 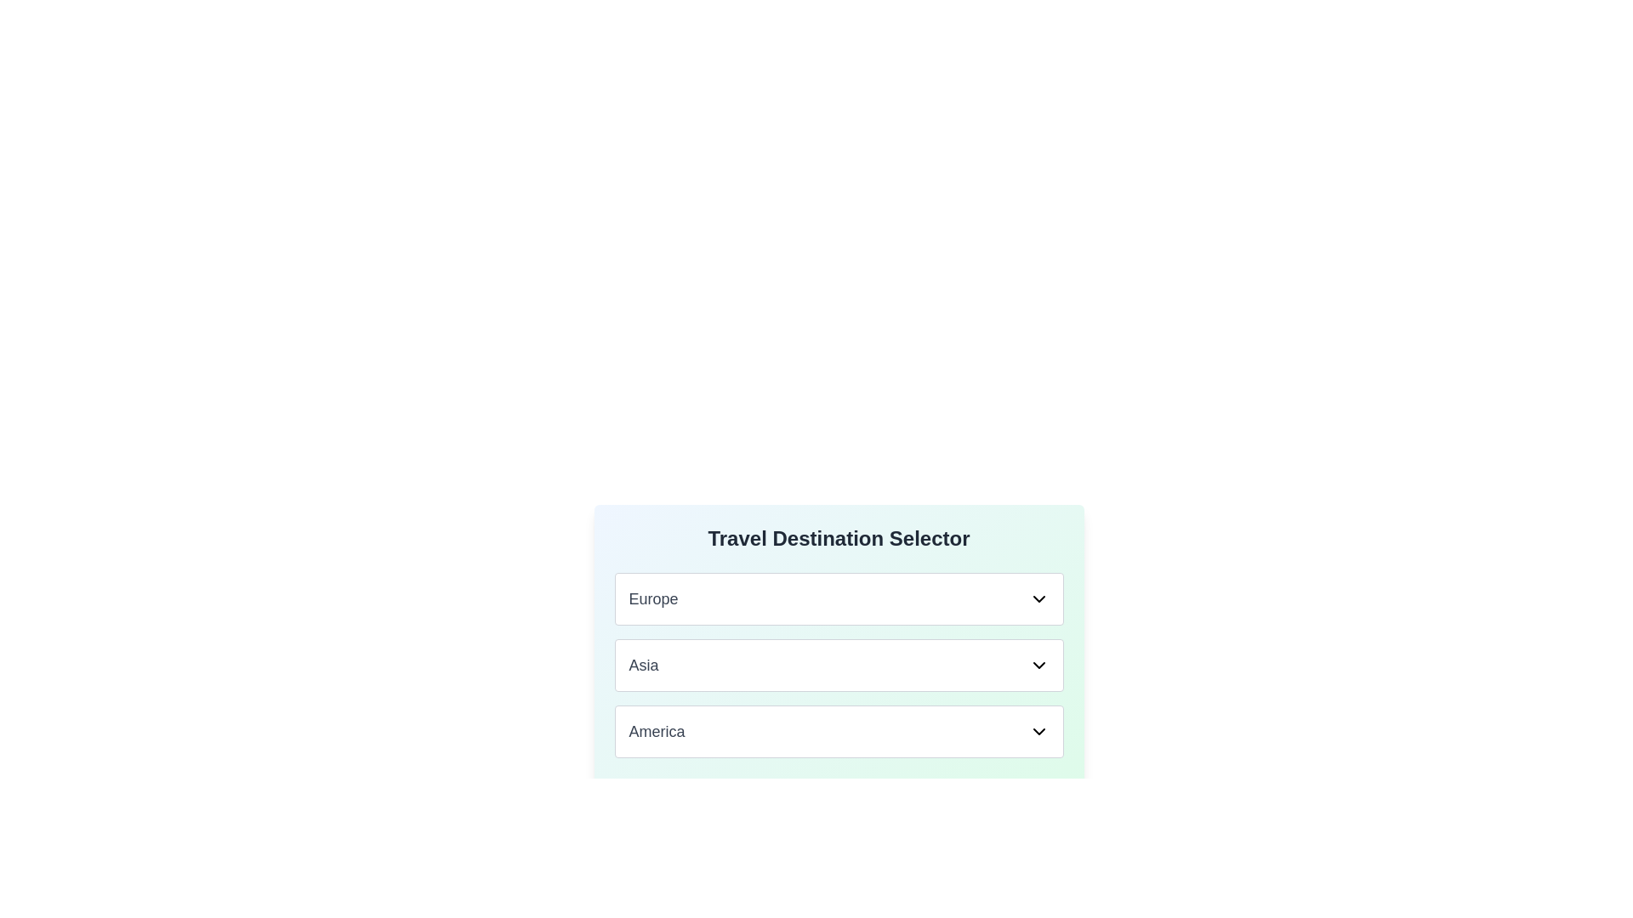 I want to click on the second dropdown item in the list of destinations, which is styled as a button with a dropdown arrow and is located between 'Europe' and 'America', so click(x=839, y=665).